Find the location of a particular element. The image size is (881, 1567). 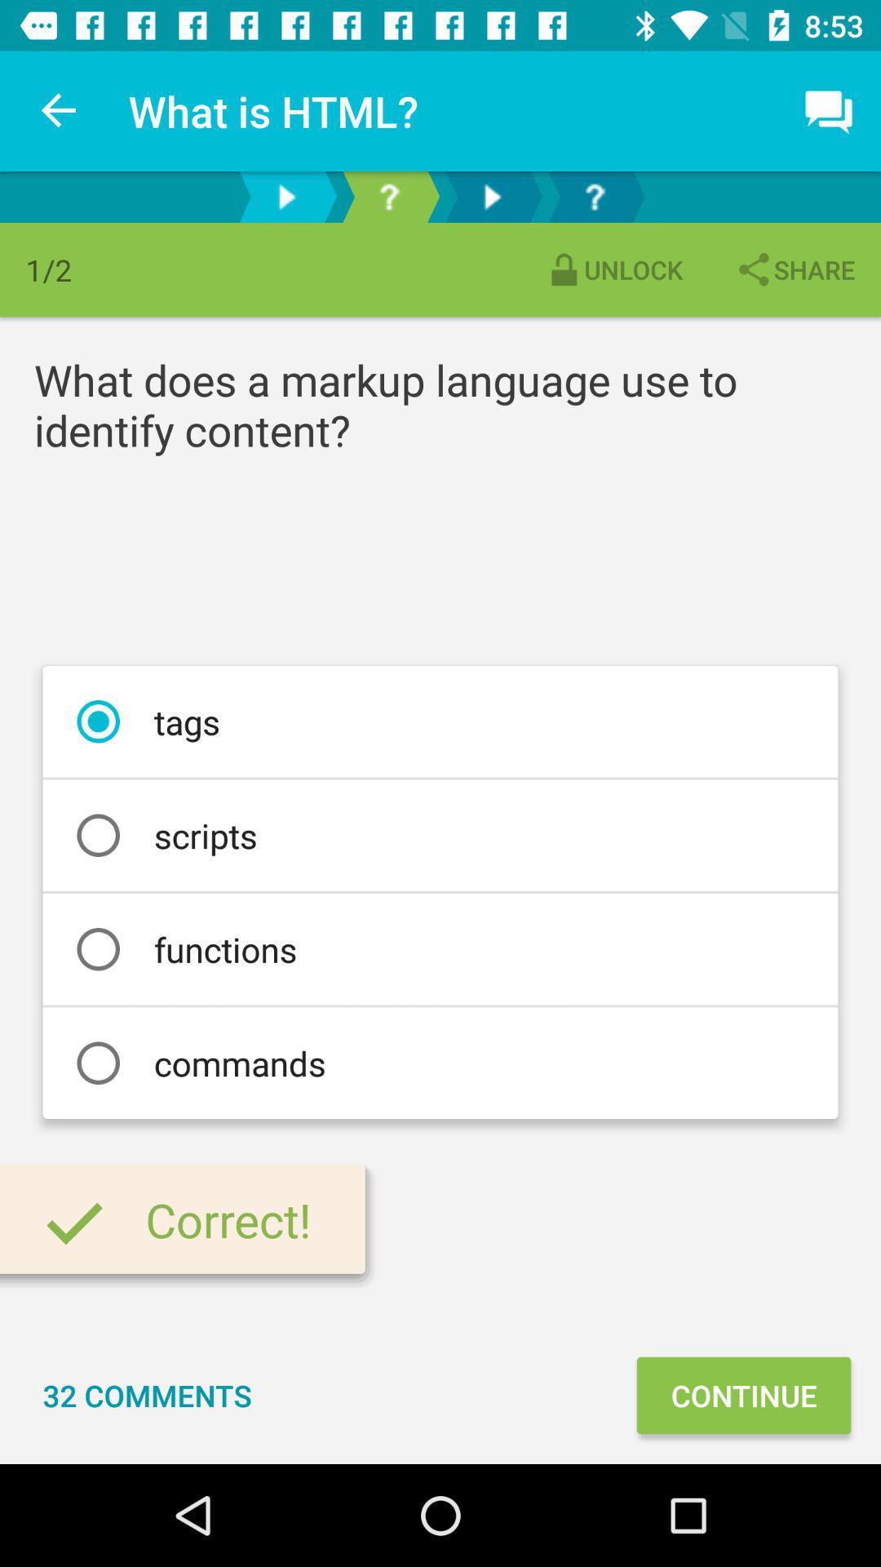

the item next to the unlock is located at coordinates (794, 269).